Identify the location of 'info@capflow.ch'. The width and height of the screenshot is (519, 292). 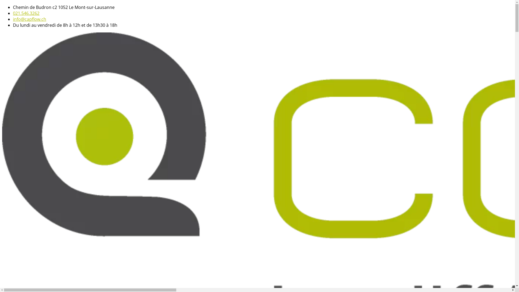
(29, 19).